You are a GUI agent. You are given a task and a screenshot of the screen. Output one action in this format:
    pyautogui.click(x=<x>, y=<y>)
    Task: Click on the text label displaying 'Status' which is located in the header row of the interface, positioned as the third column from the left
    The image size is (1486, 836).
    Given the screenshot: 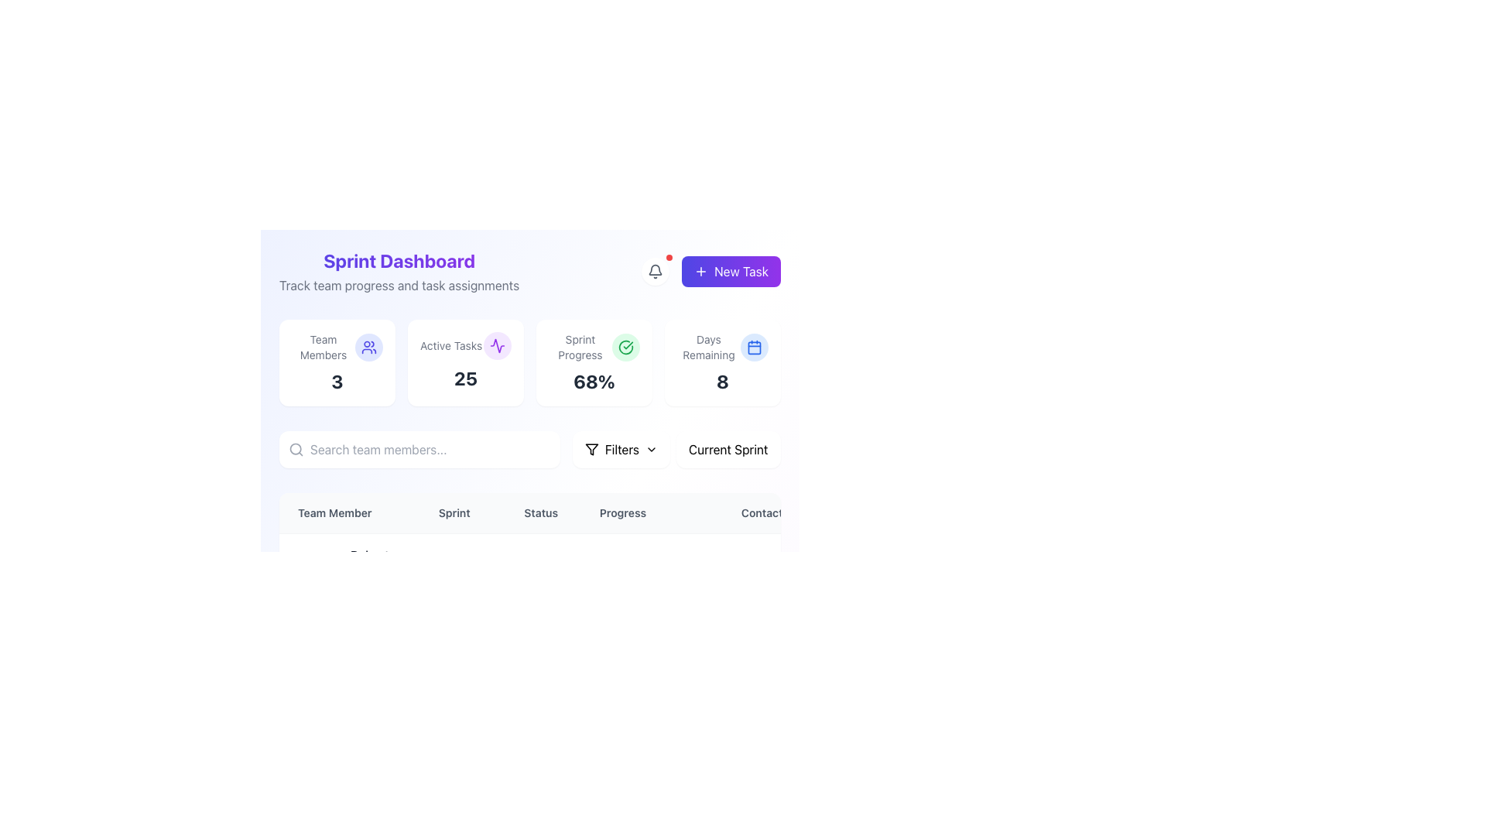 What is the action you would take?
    pyautogui.click(x=543, y=513)
    